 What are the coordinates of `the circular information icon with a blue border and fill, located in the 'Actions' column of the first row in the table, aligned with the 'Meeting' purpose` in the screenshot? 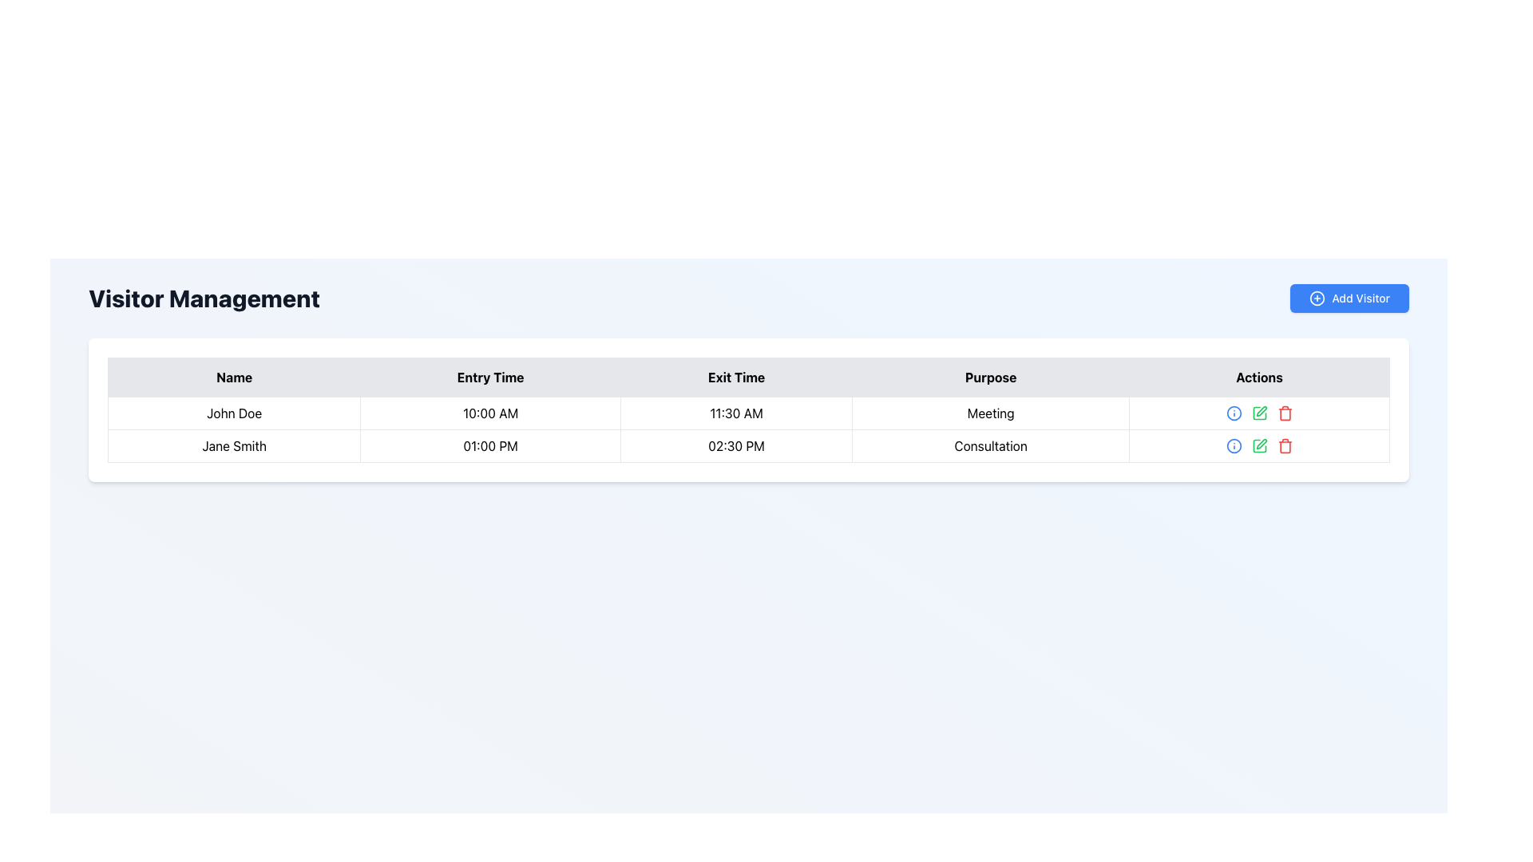 It's located at (1233, 446).